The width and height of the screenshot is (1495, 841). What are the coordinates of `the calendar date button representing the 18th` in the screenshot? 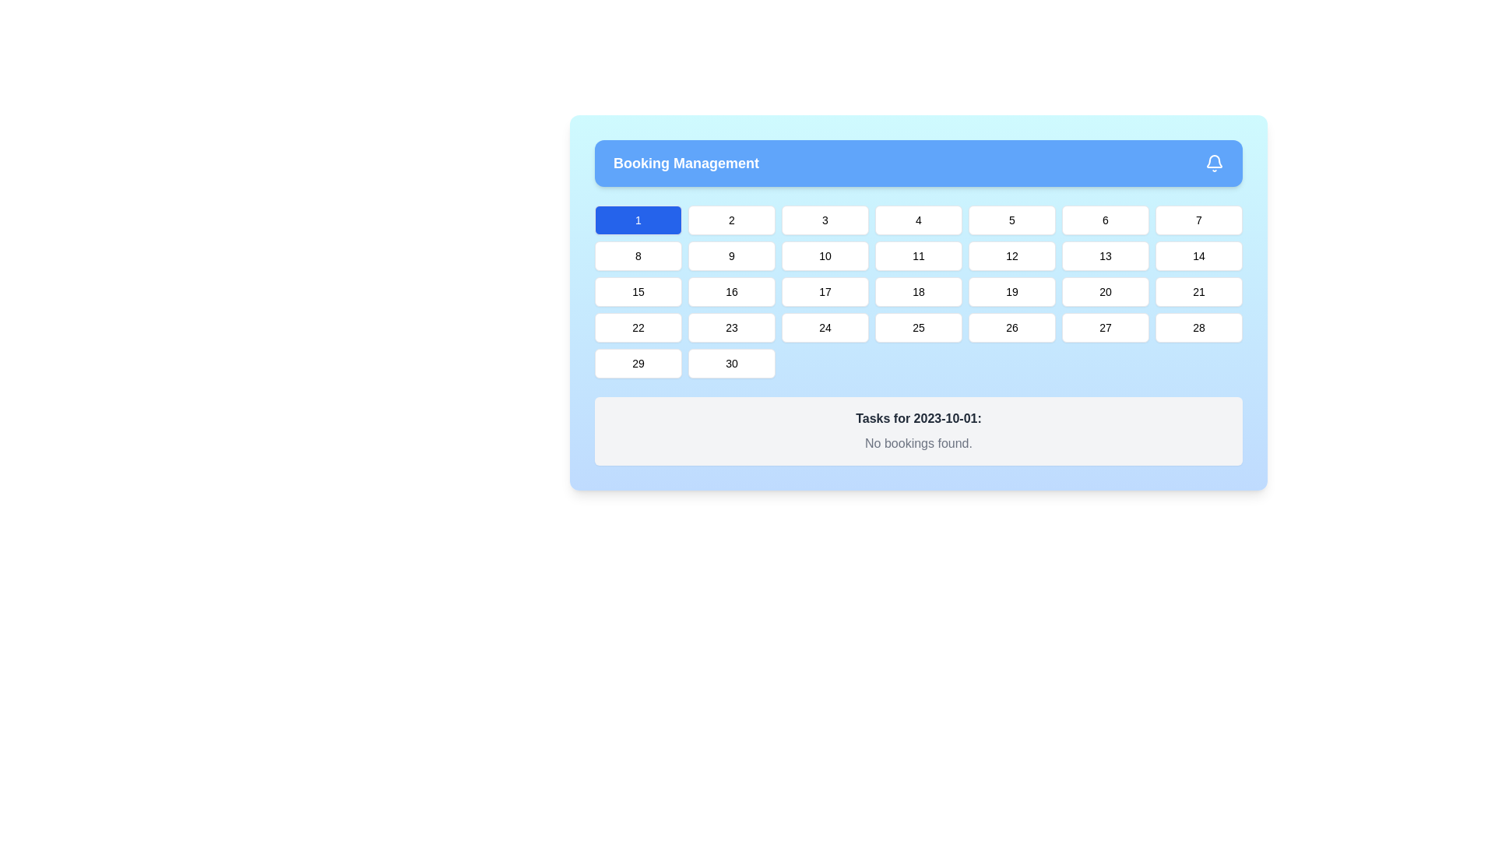 It's located at (919, 291).